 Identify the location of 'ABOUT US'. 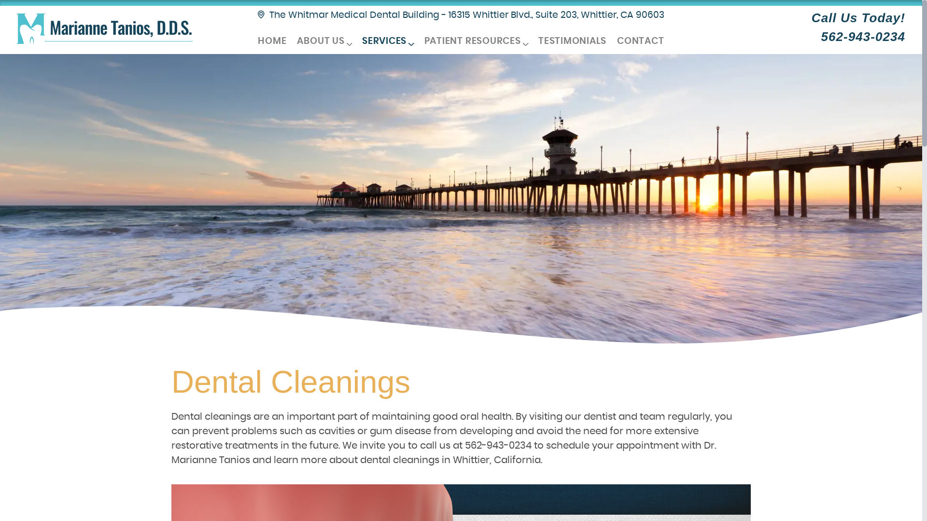
(324, 41).